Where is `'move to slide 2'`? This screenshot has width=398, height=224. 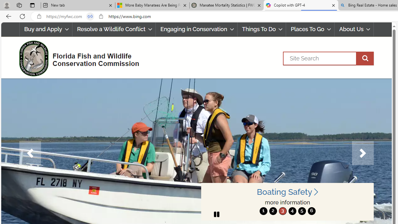
'move to slide 2' is located at coordinates (273, 211).